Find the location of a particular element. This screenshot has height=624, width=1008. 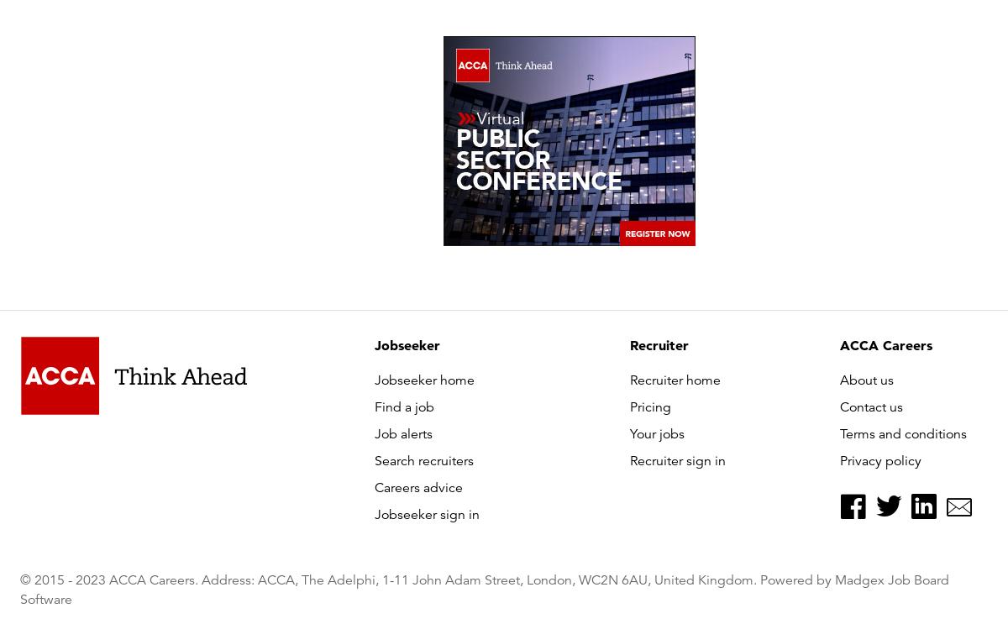

'Jobseeker' is located at coordinates (407, 343).